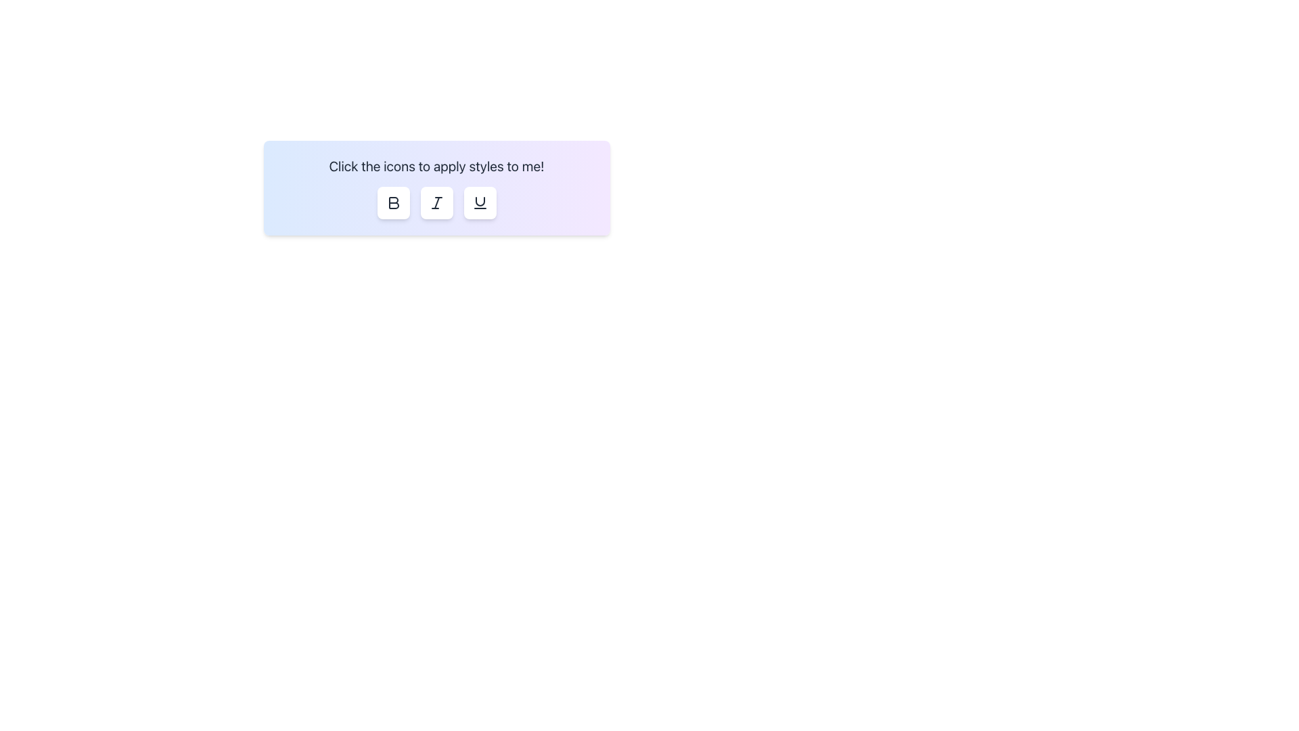  I want to click on the italic icon button, which is the second among three icons in a horizontally aligned card, so click(436, 203).